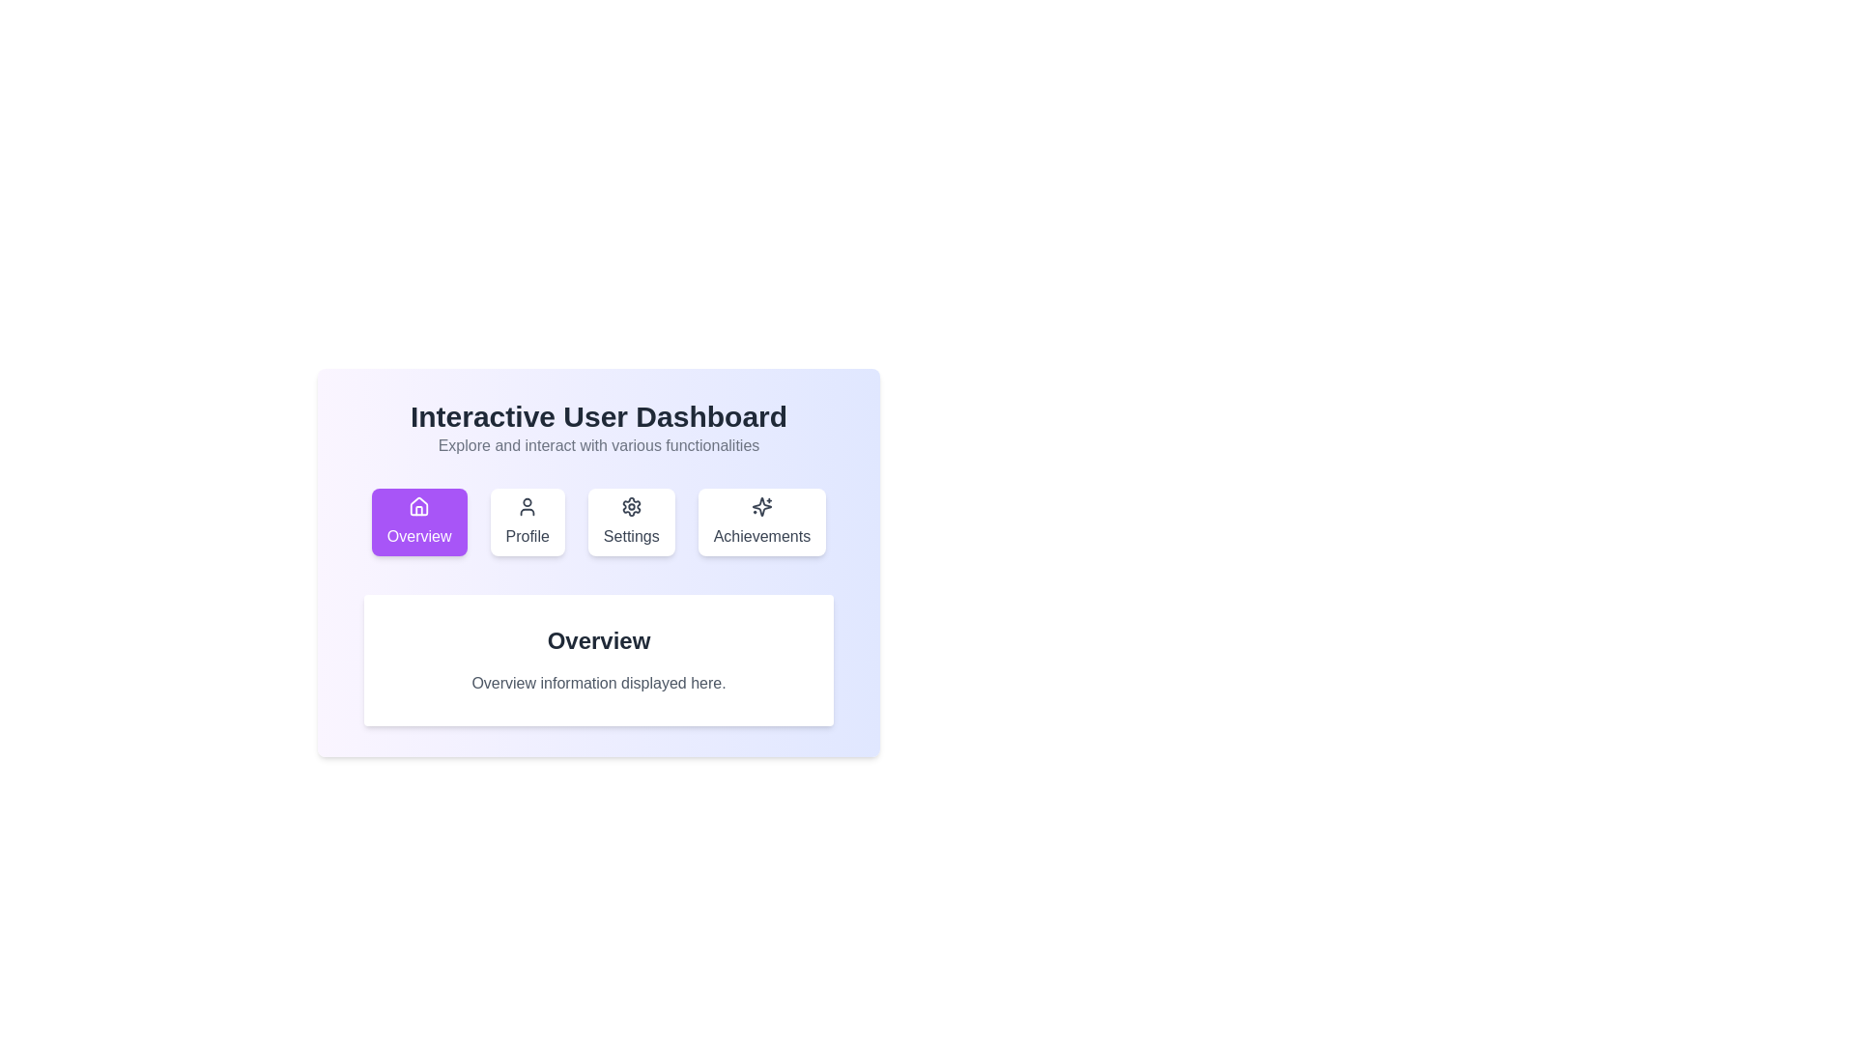  I want to click on the visual indication of the house icon representing the 'Overview' navigation button located in the top left section of the interface, so click(418, 505).